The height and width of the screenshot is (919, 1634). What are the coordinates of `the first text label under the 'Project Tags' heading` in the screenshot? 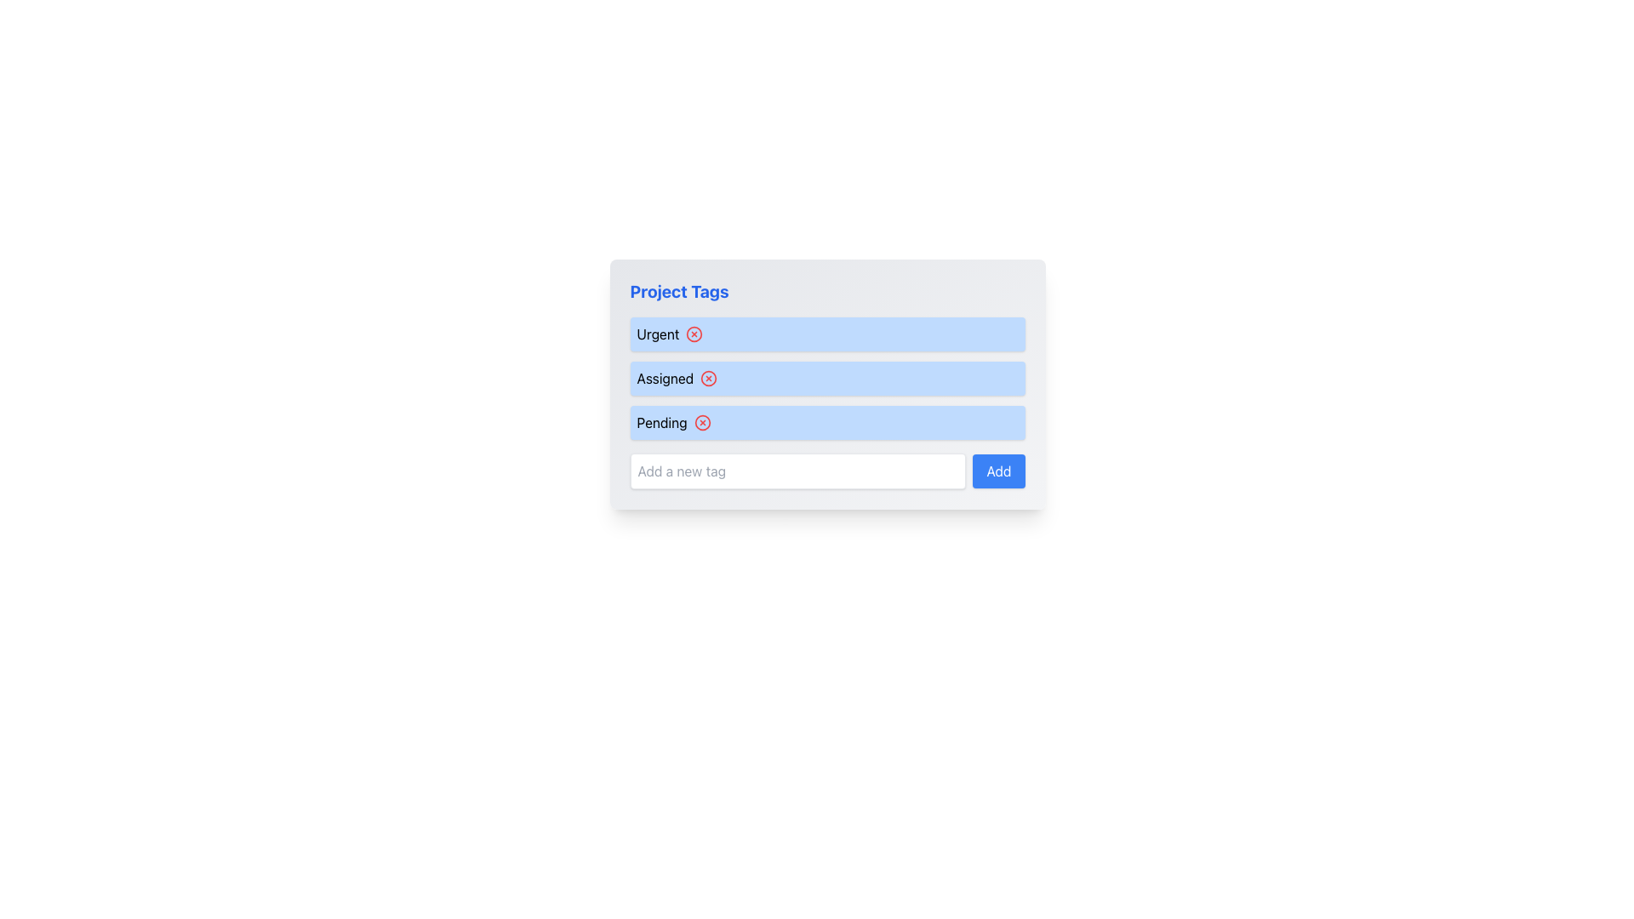 It's located at (657, 334).